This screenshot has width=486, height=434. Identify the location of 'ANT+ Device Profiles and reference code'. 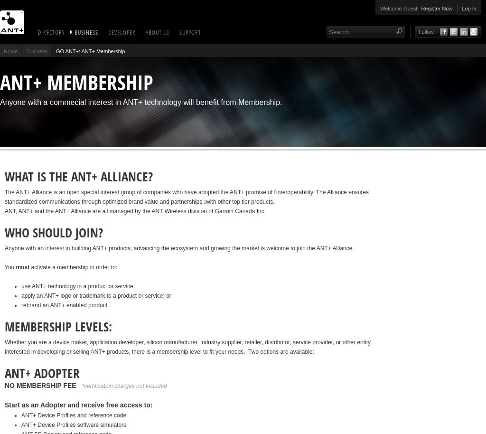
(73, 415).